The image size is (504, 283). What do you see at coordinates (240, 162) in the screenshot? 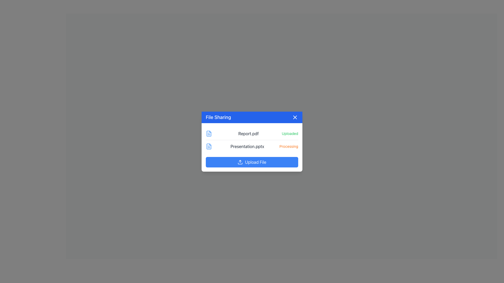
I see `the upload icon shaped like an upward-pointing arrow, located within the 'Upload File' button` at bounding box center [240, 162].